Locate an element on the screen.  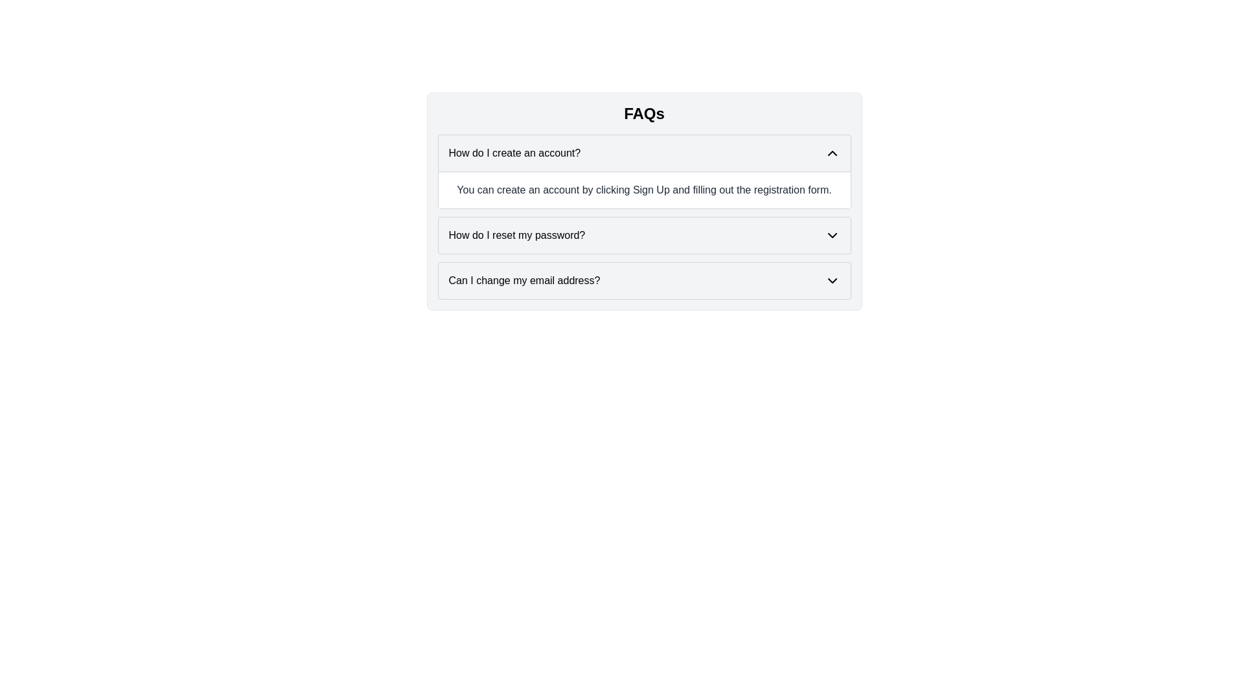
the upward-pointing arrow icon button is located at coordinates (832, 152).